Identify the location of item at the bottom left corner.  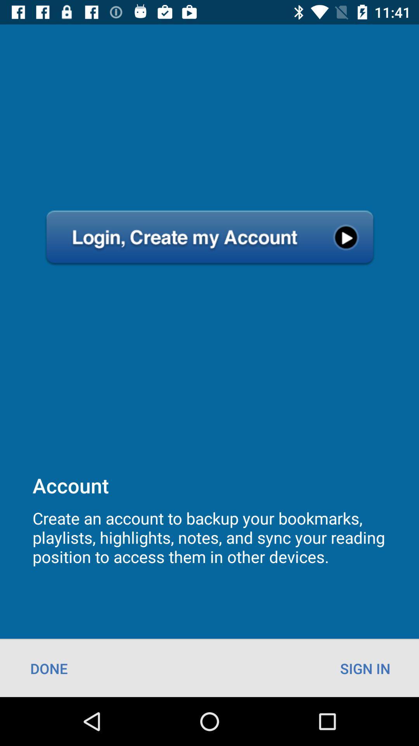
(49, 668).